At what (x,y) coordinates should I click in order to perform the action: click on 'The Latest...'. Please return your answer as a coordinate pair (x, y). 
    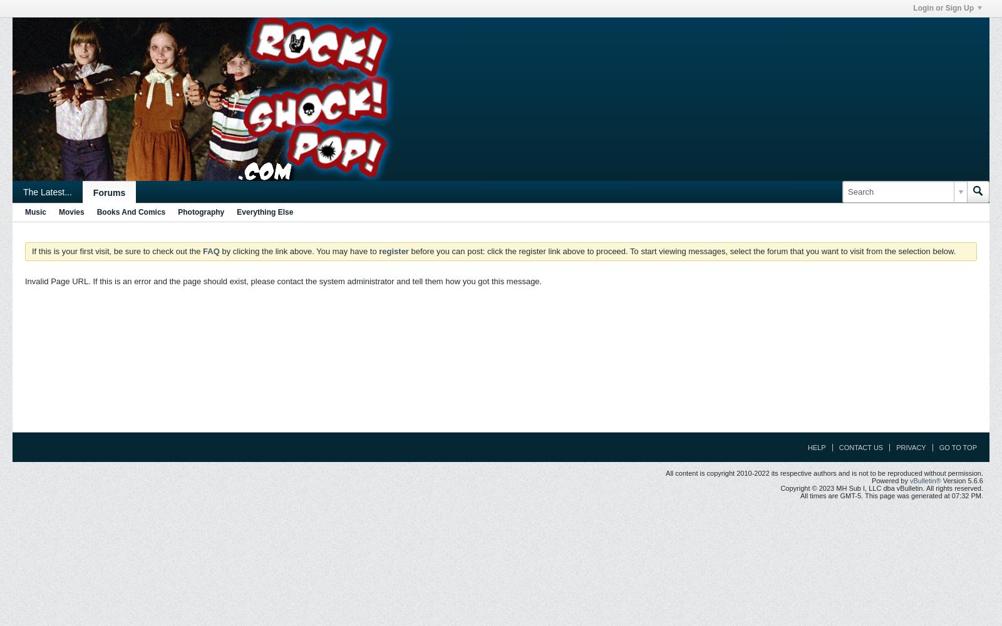
    Looking at the image, I should click on (46, 192).